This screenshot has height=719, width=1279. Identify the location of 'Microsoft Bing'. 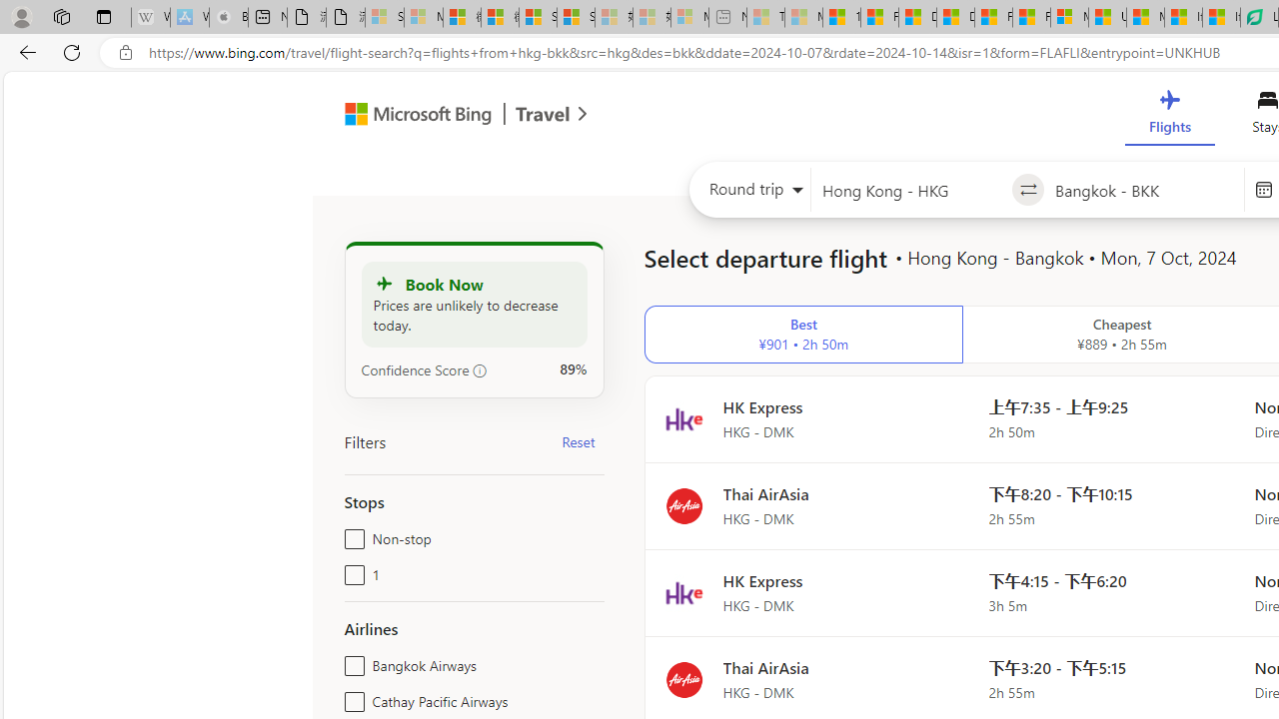
(409, 117).